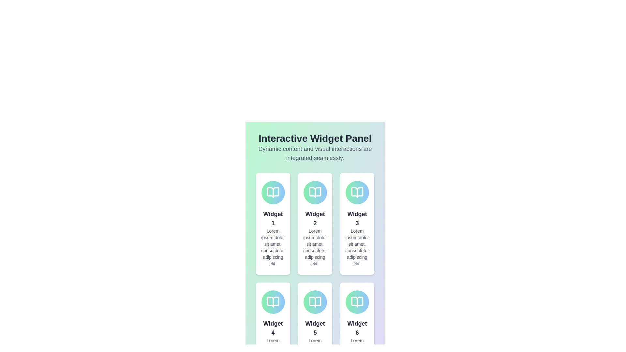 This screenshot has height=352, width=626. Describe the element at coordinates (315, 138) in the screenshot. I see `the text label displaying 'Interactive Widget Panel' in a large, bold font style, prominently positioned at the top of the interface` at that location.